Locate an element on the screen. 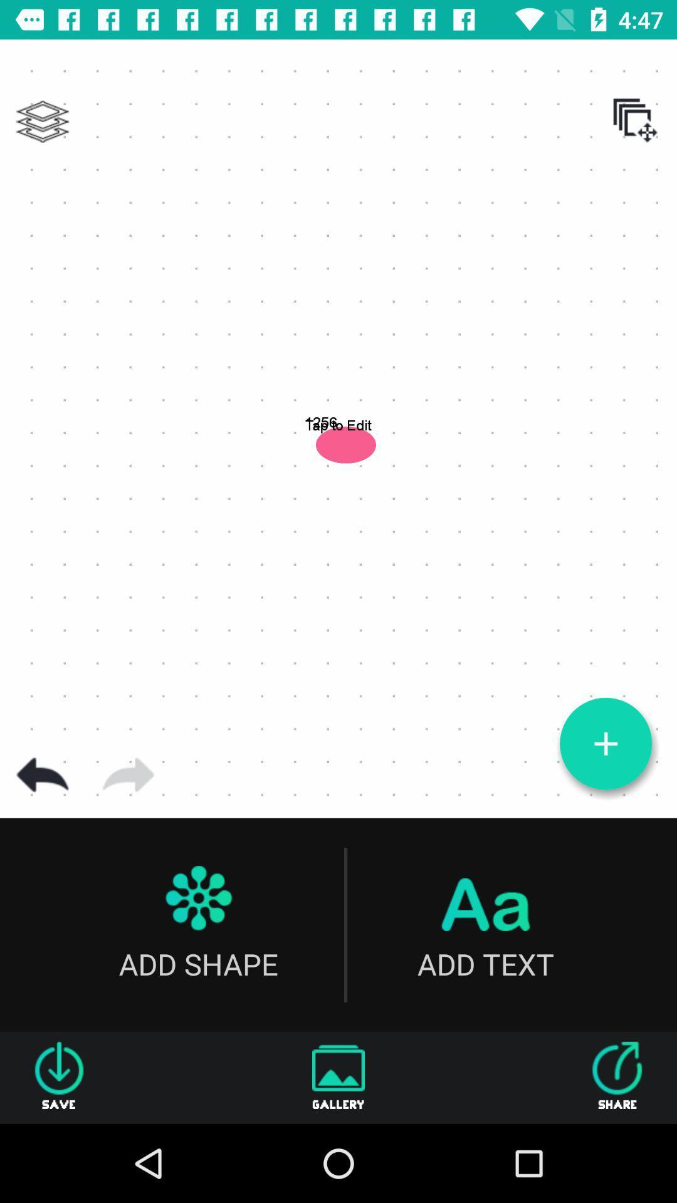  new entry is located at coordinates (605, 744).